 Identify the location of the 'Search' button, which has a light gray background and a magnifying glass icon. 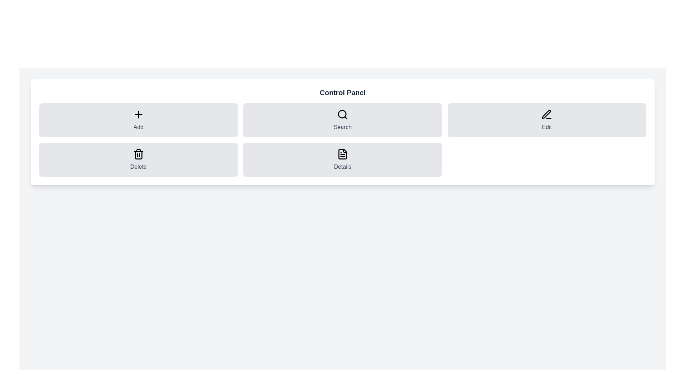
(343, 120).